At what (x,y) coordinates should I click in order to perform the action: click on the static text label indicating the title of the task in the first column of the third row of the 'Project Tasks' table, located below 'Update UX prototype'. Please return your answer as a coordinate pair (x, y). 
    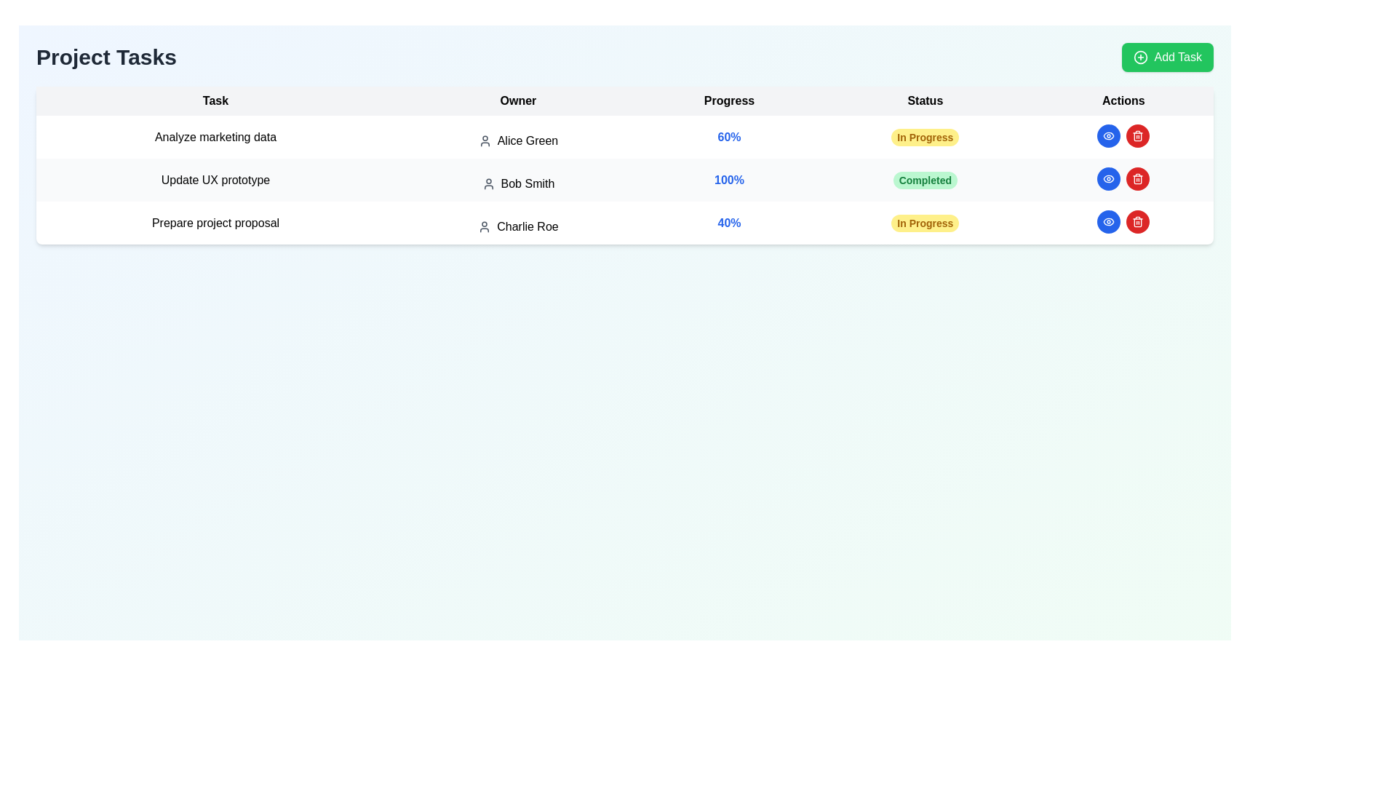
    Looking at the image, I should click on (215, 223).